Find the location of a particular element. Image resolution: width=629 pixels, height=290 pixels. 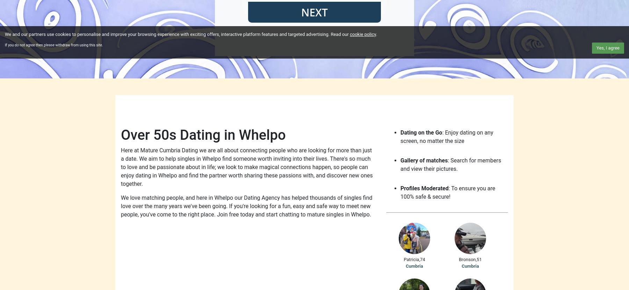

': Search for members and view their pictures.' is located at coordinates (451, 164).